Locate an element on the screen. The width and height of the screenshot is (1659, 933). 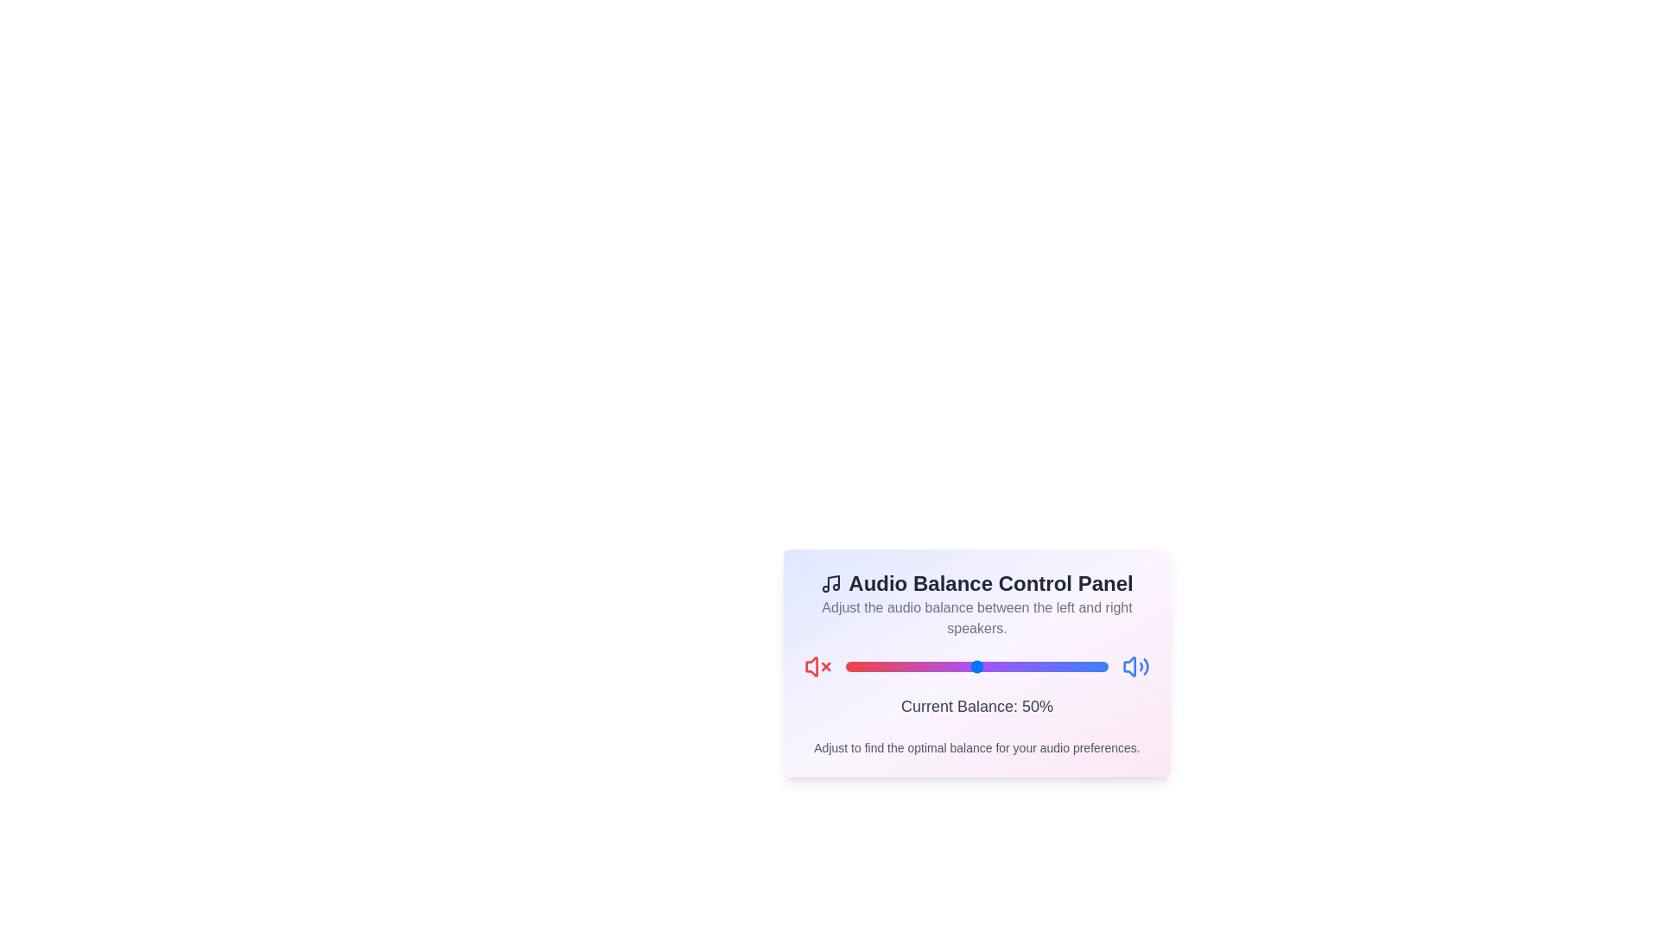
the balance slider to 97% is located at coordinates (1099, 665).